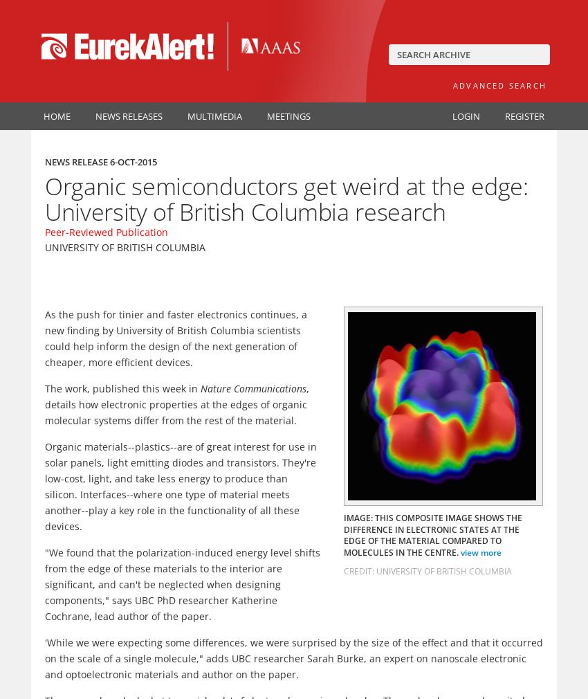 The image size is (588, 699). What do you see at coordinates (452, 114) in the screenshot?
I see `'Login'` at bounding box center [452, 114].